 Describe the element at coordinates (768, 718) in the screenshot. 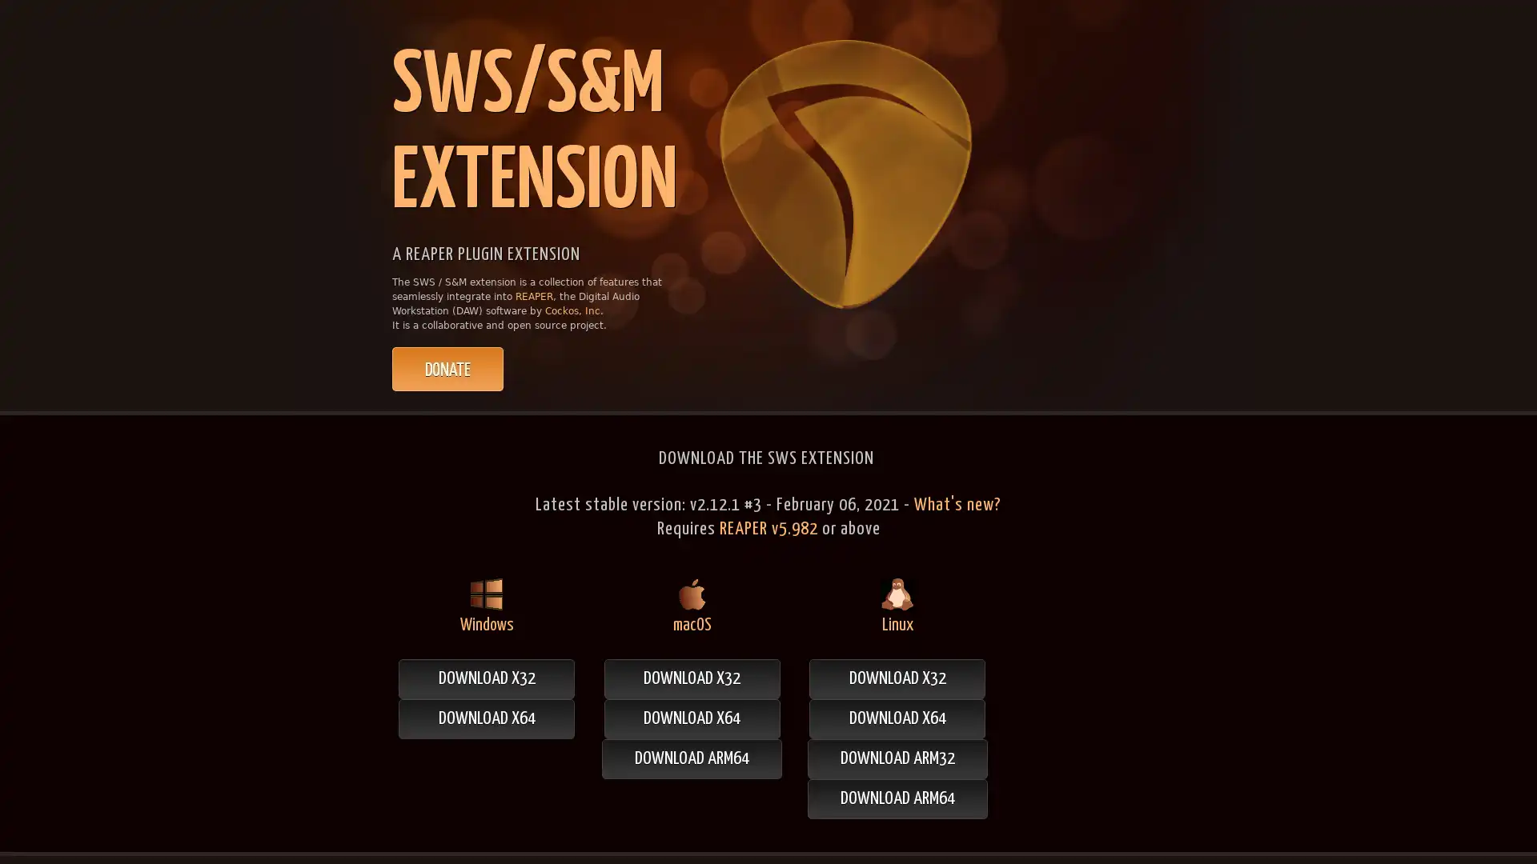

I see `DOWNLOAD X64` at that location.